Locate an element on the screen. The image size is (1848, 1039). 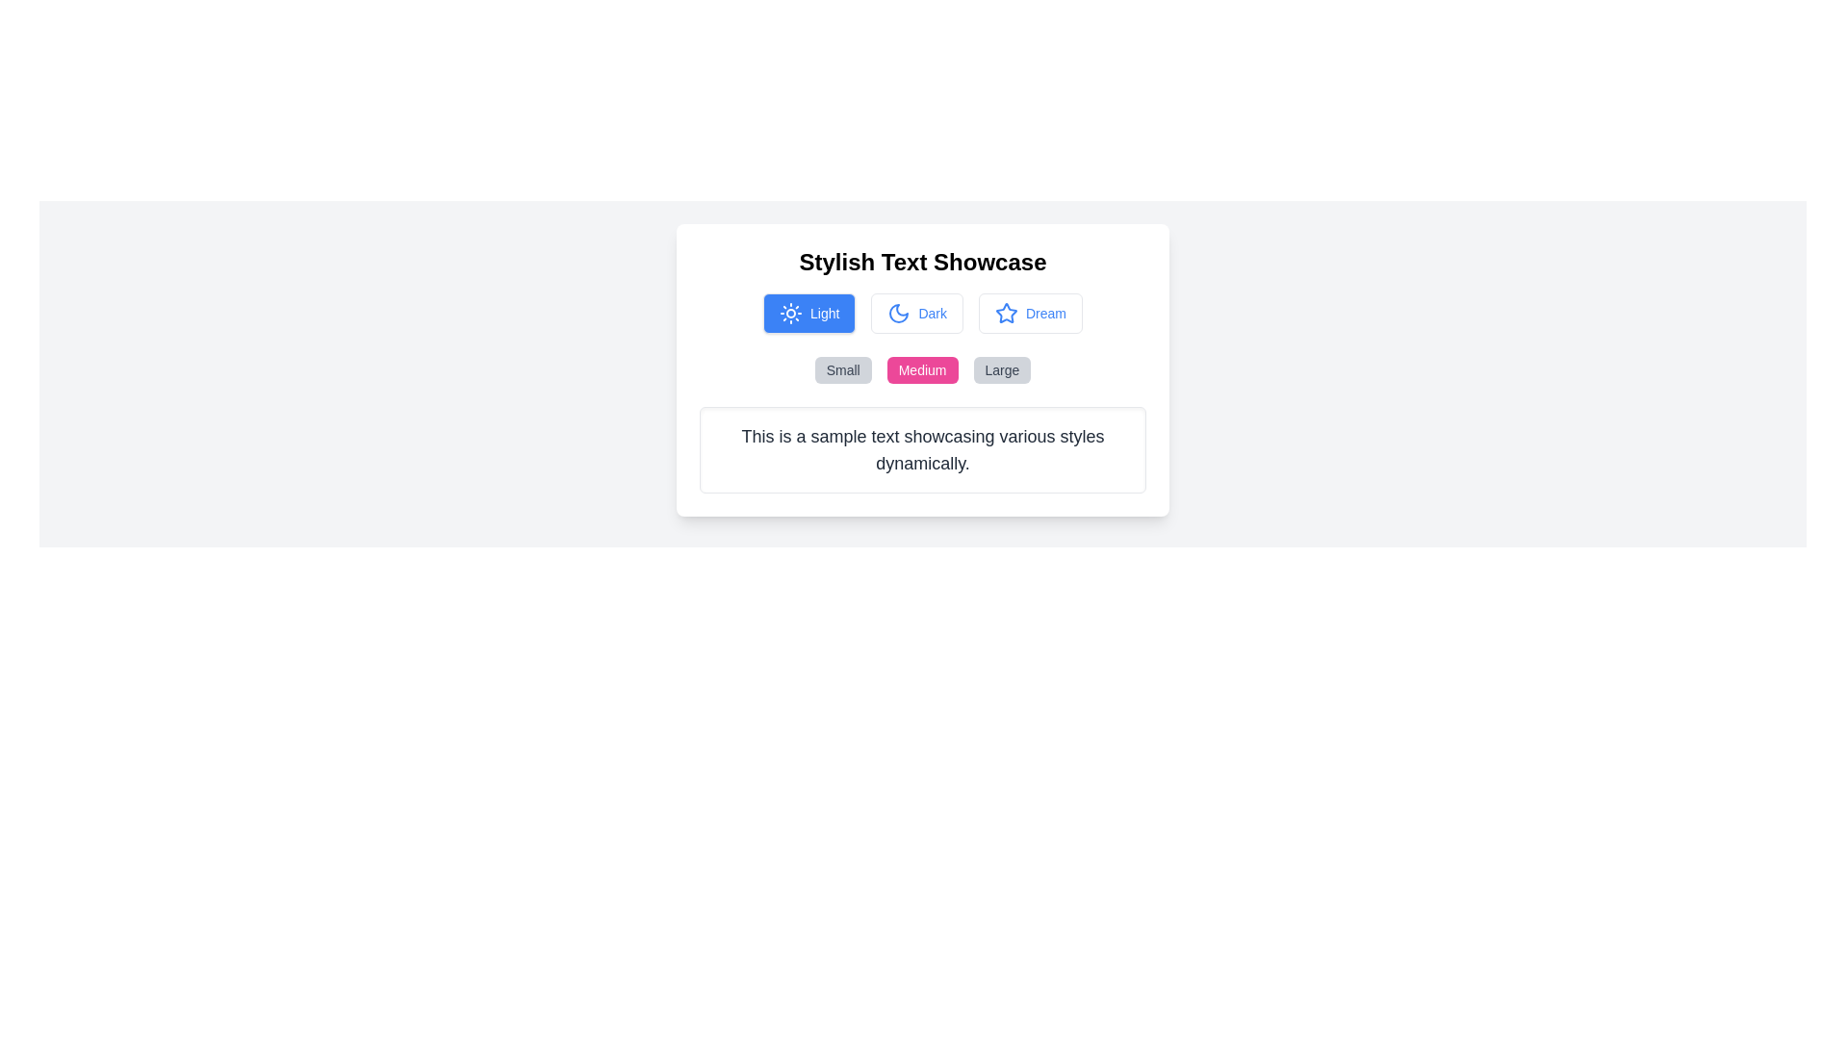
the star-shaped graphic outlined in blue located to the left of the text 'Dream' within the button labeled 'Dream' is located at coordinates (1006, 313).